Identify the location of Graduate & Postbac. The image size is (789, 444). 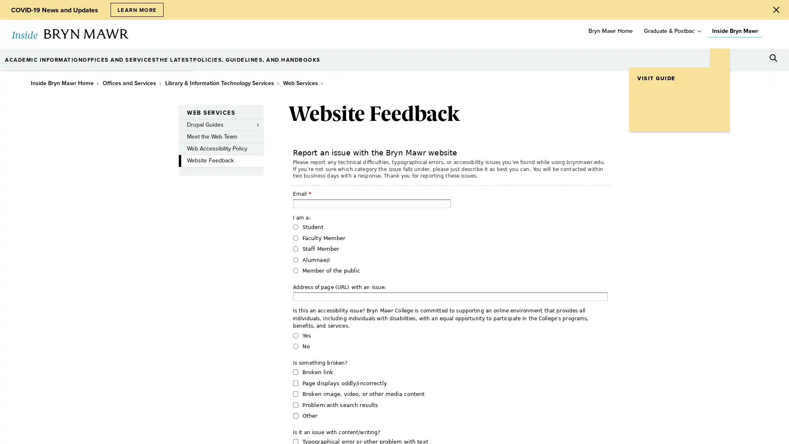
(669, 30).